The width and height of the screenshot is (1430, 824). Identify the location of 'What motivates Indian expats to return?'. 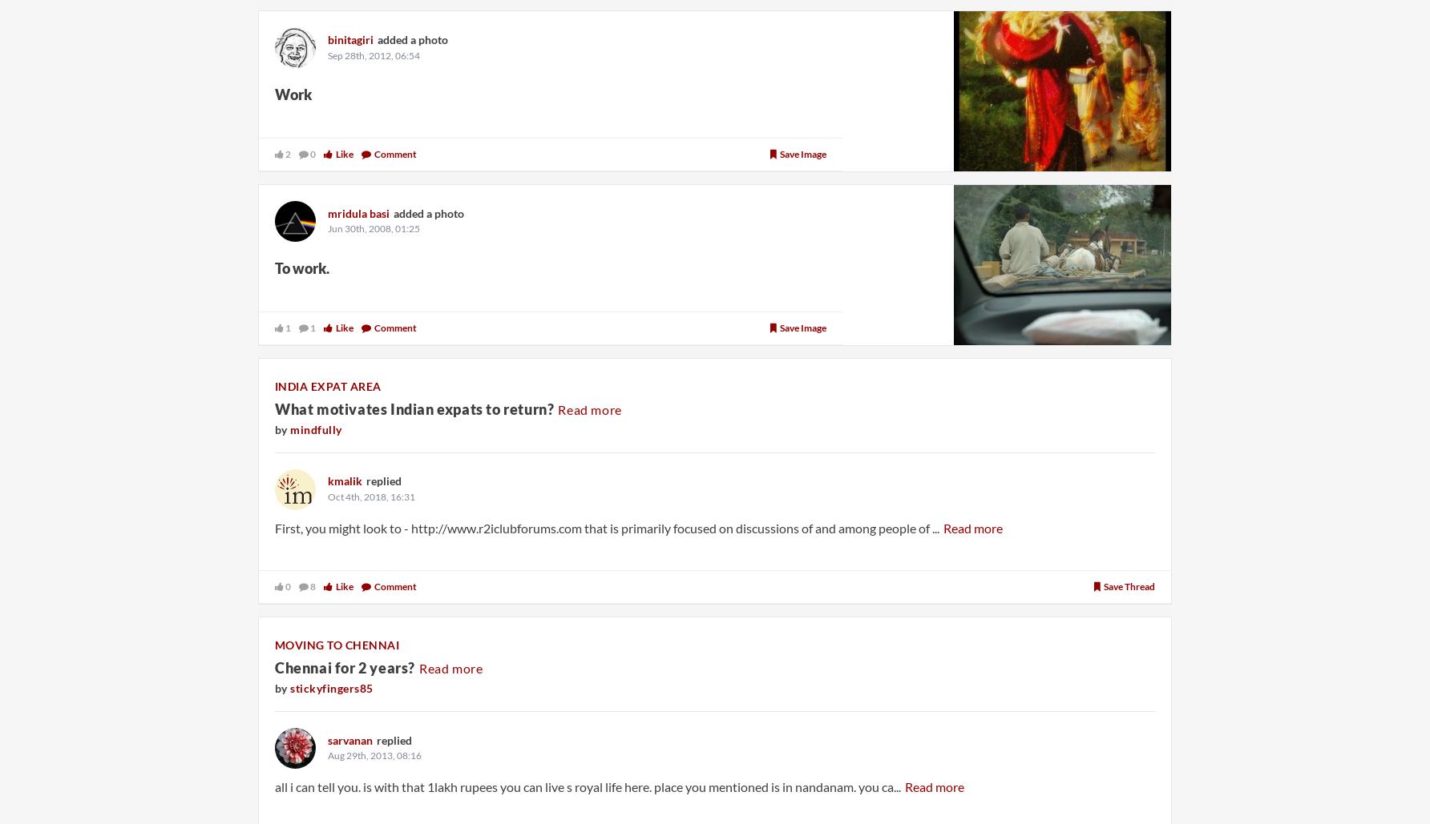
(414, 408).